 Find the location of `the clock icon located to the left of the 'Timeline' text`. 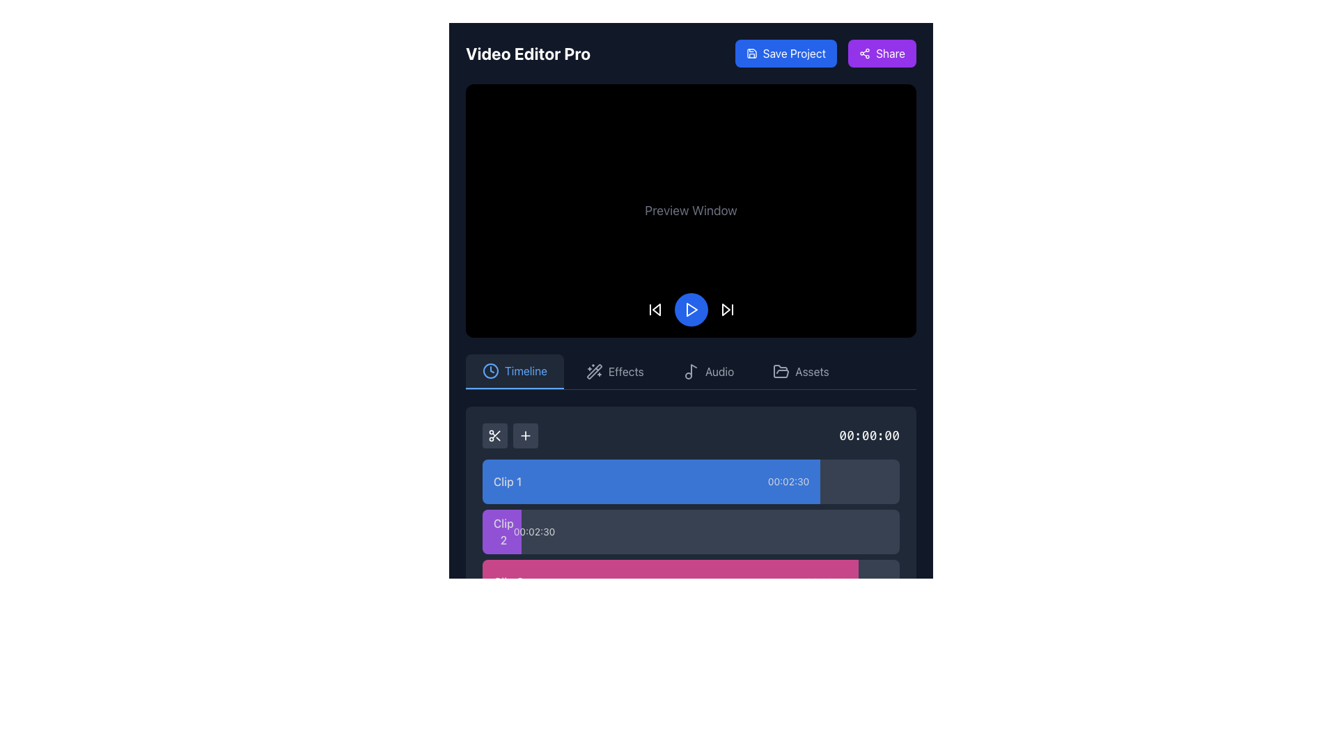

the clock icon located to the left of the 'Timeline' text is located at coordinates (491, 370).